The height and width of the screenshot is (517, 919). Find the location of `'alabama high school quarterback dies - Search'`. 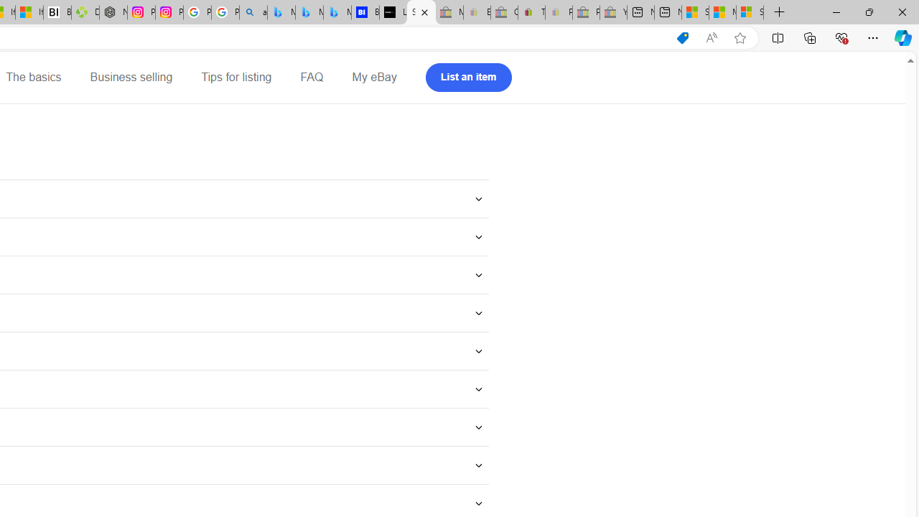

'alabama high school quarterback dies - Search' is located at coordinates (253, 12).